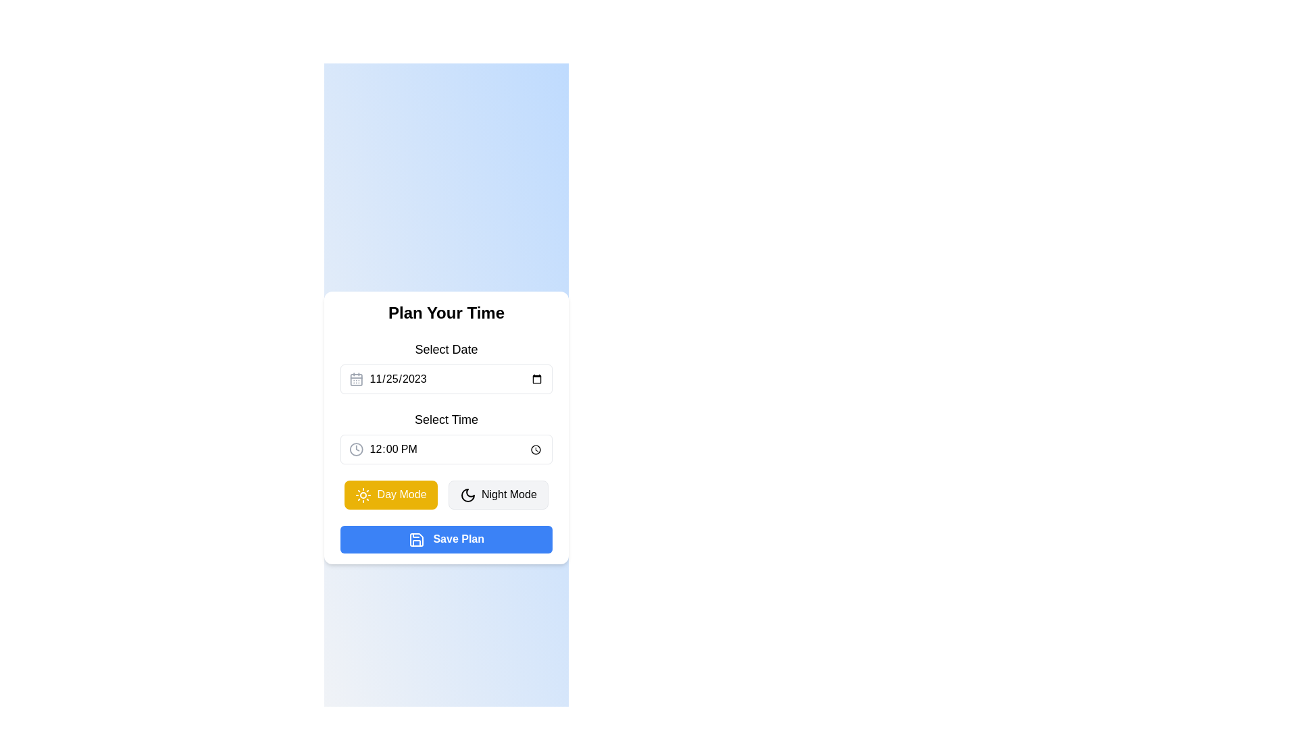  Describe the element at coordinates (415, 539) in the screenshot. I see `the visual representation of the save icon located within the blue button labeled 'Save Plan' at the lower section of the card interface` at that location.